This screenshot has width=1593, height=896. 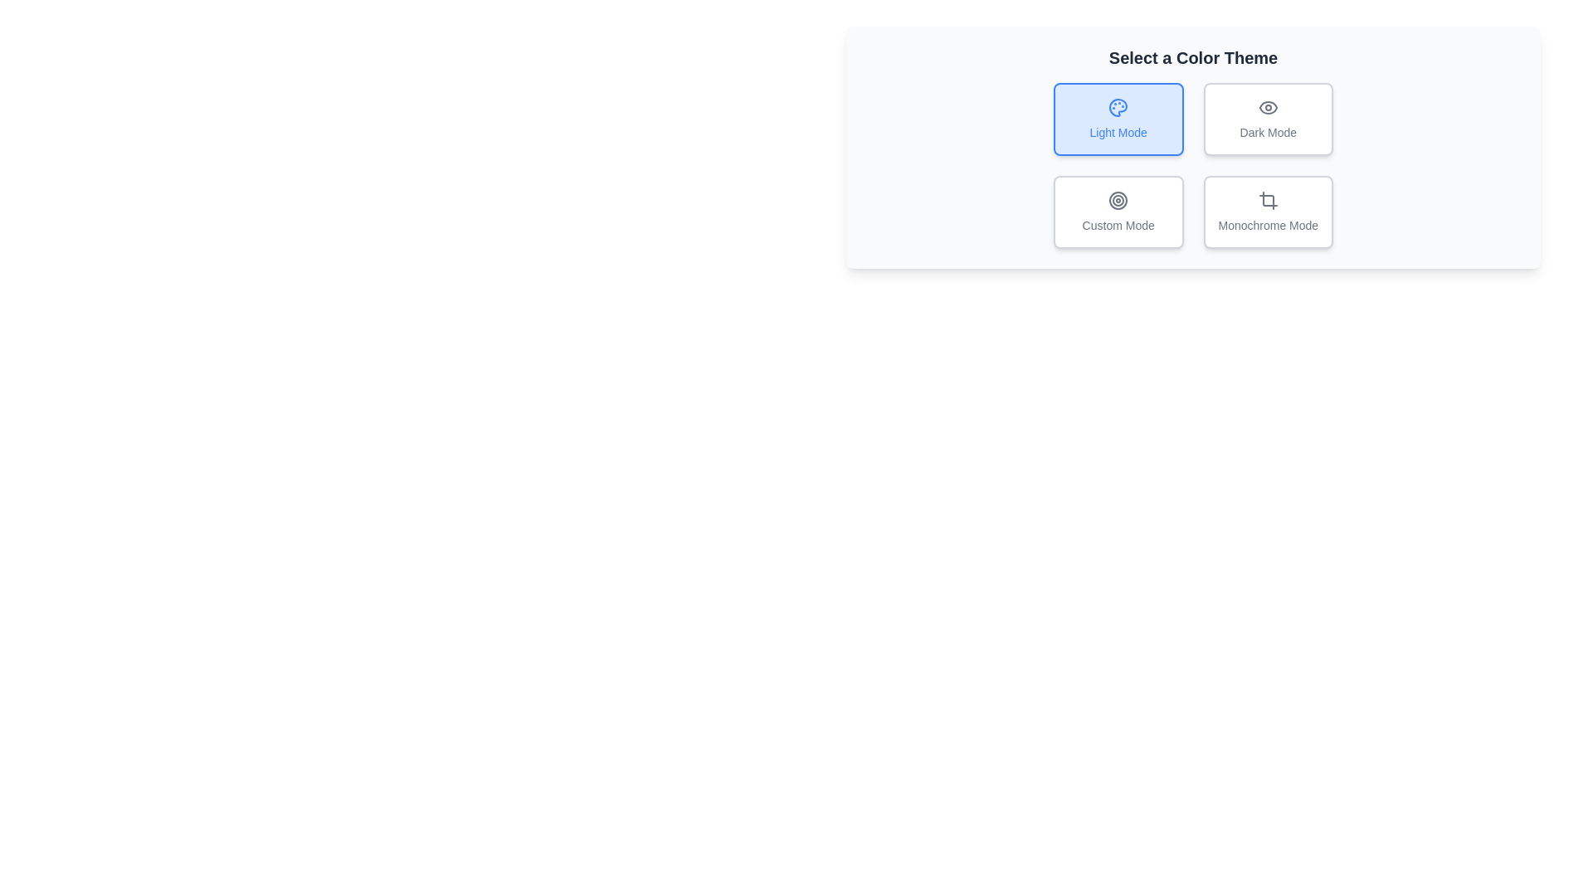 I want to click on the theme by clicking on the button corresponding to Monochrome Mode, so click(x=1267, y=211).